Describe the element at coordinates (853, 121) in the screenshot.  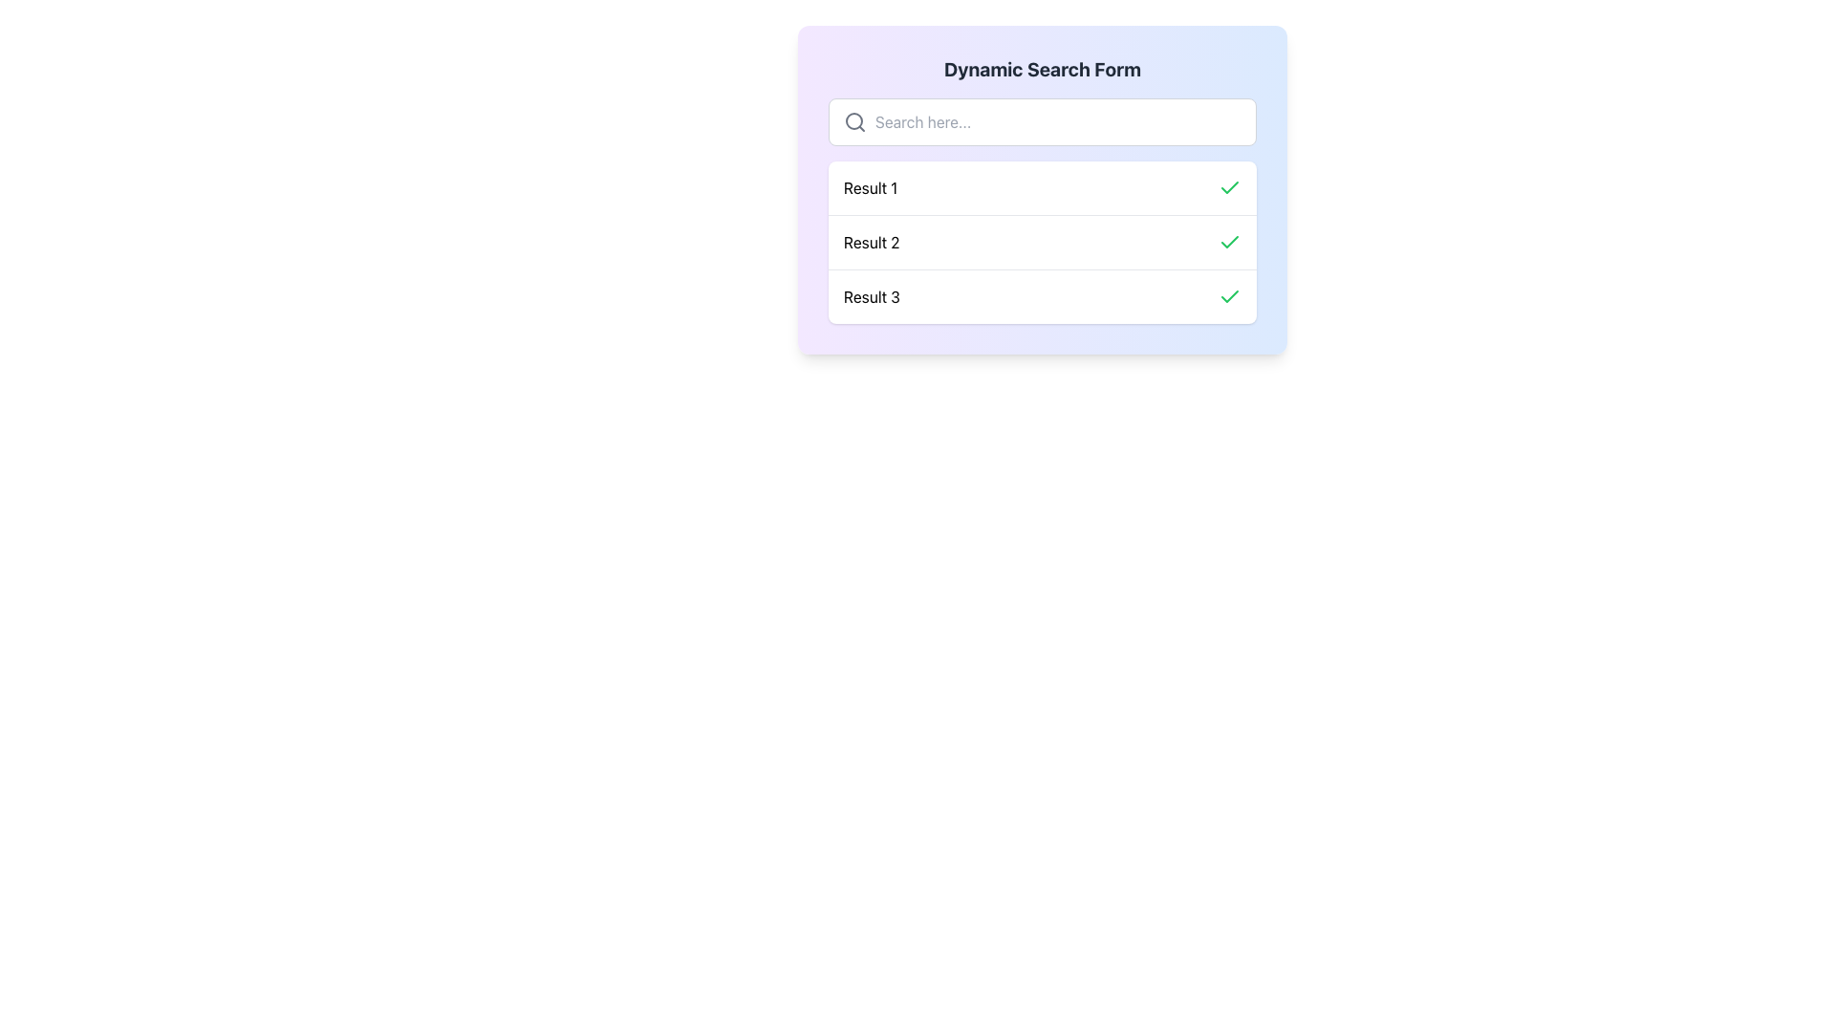
I see `the magnifying glass icon located to the left of the search input box, which serves as a visual cue for search functionality` at that location.